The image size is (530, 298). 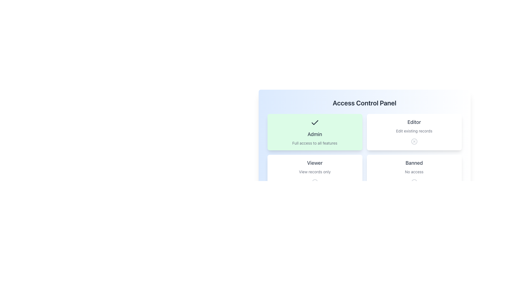 I want to click on the descriptive Text label providing information about the features available under the 'Admin' access level, which is located within the 'Admin' access level card, centered horizontally beneath the 'Admin' title, so click(x=315, y=143).